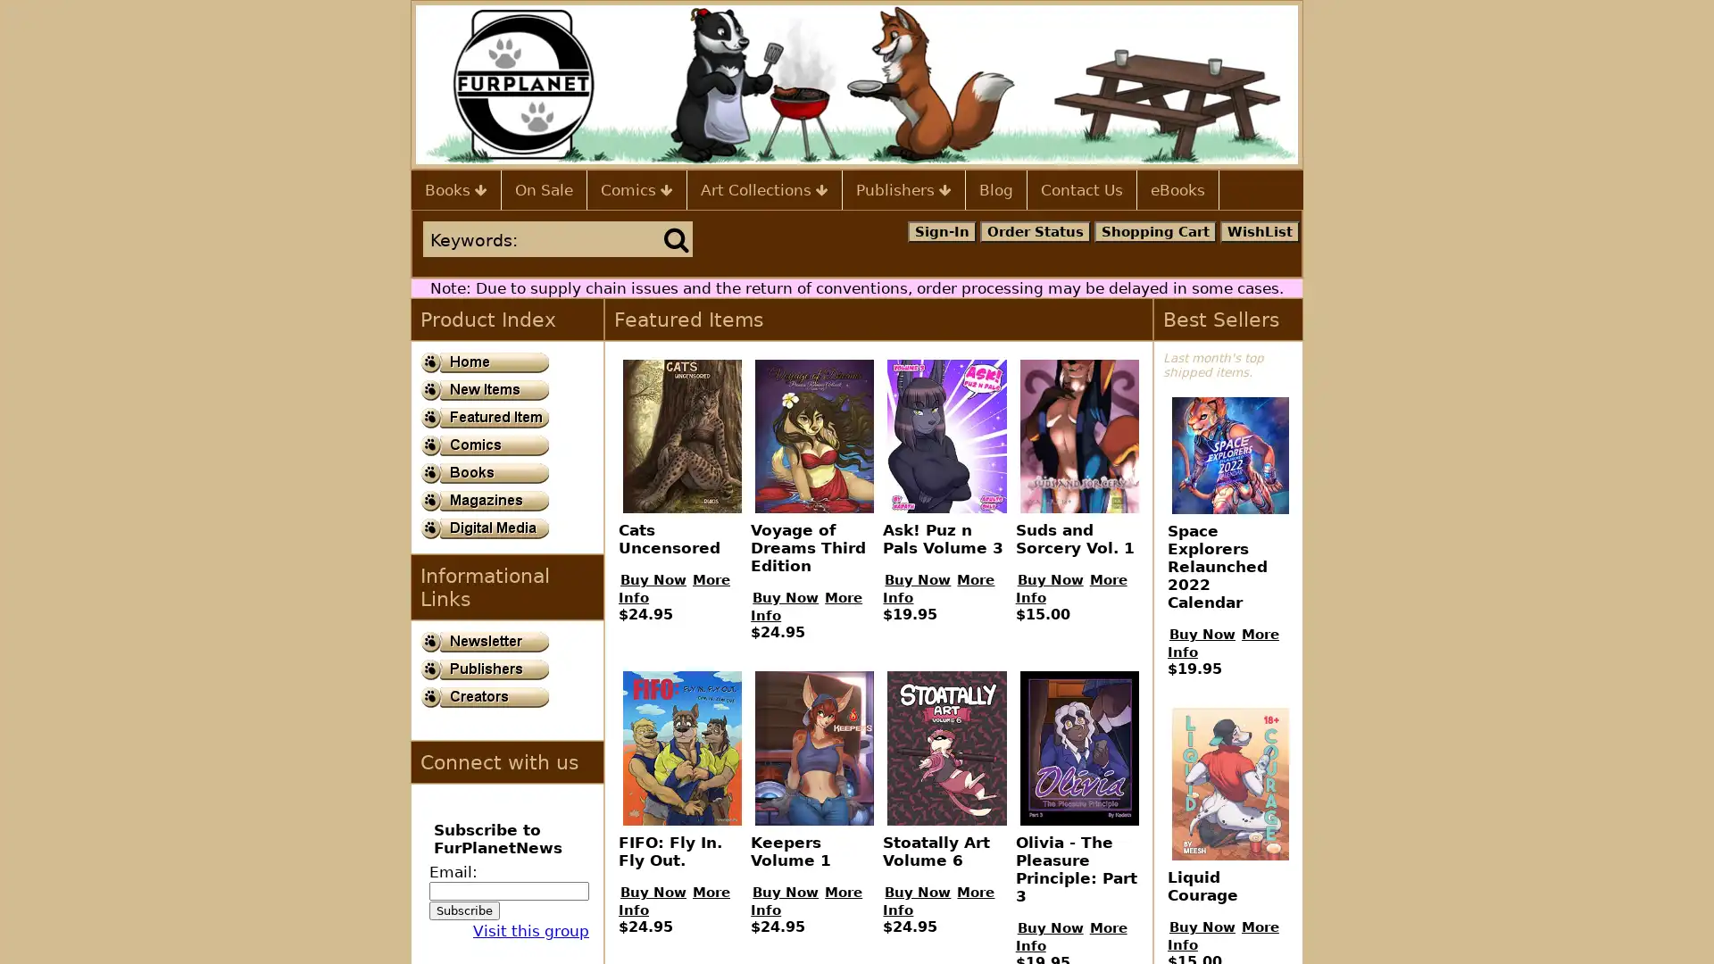  I want to click on Shopping Cart, so click(1155, 229).